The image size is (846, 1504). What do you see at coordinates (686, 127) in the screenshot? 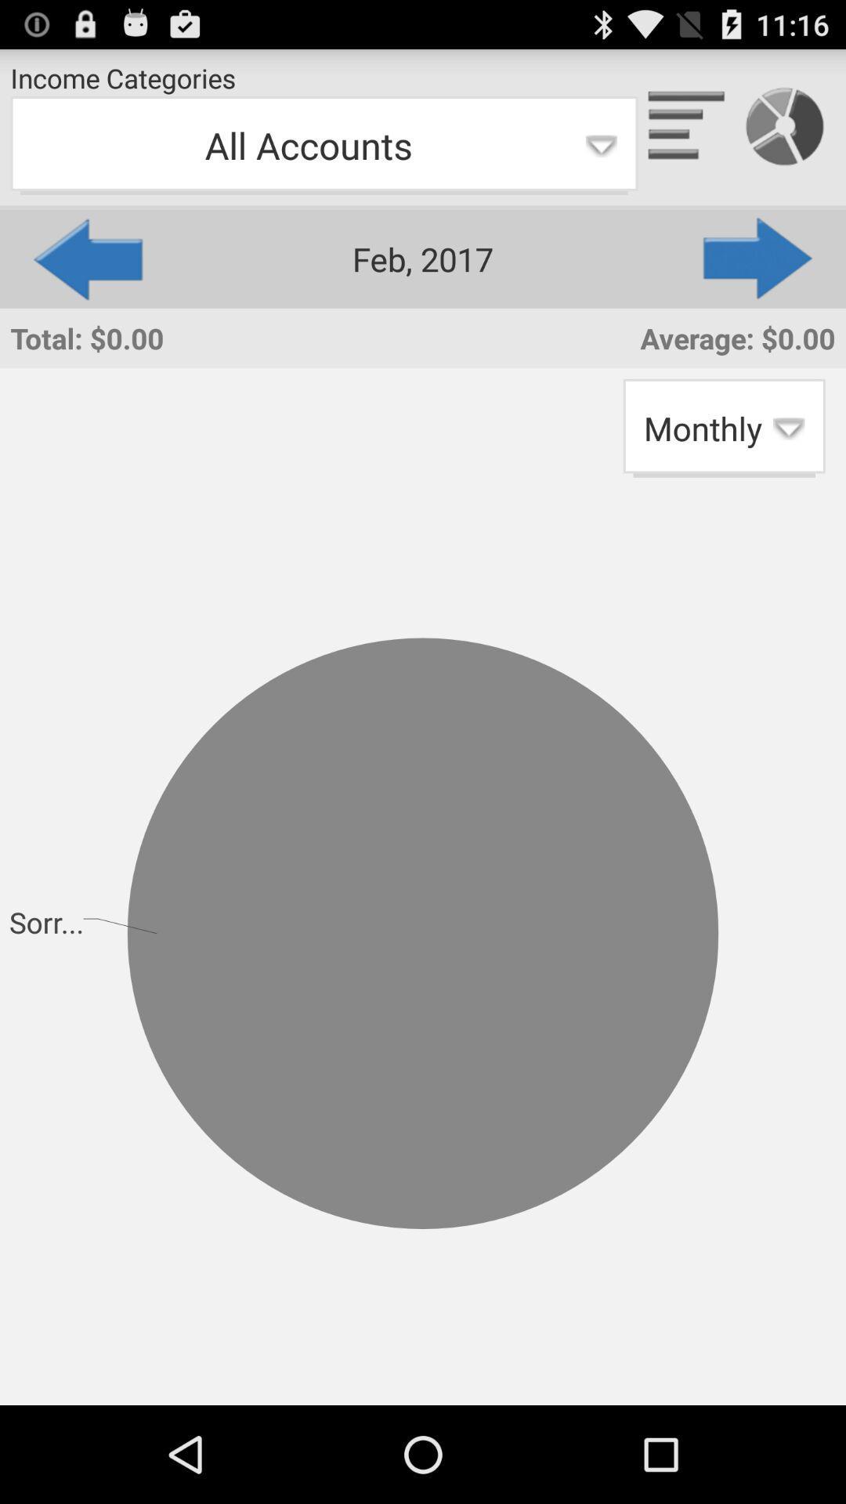
I see `bar graph option` at bounding box center [686, 127].